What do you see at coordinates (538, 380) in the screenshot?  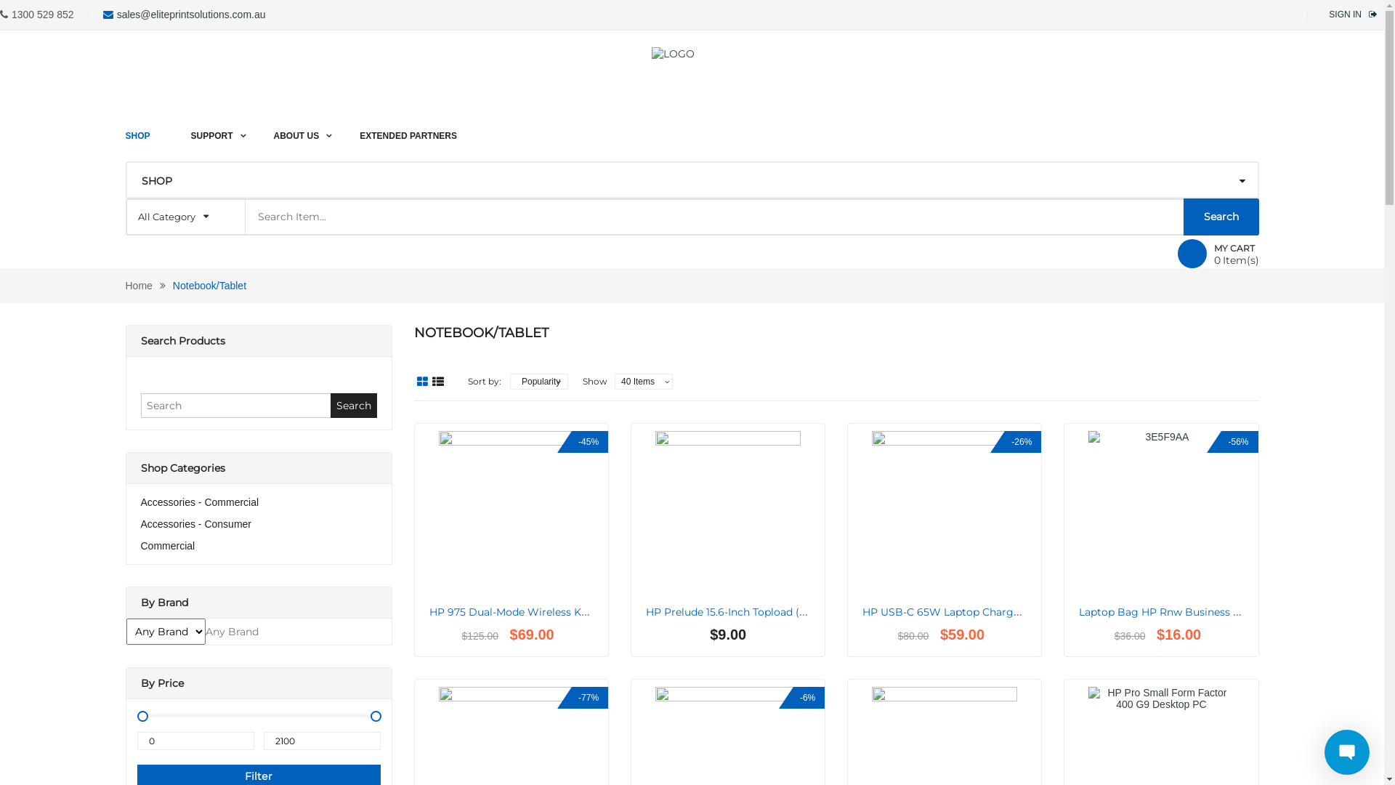 I see `'Popularity'` at bounding box center [538, 380].